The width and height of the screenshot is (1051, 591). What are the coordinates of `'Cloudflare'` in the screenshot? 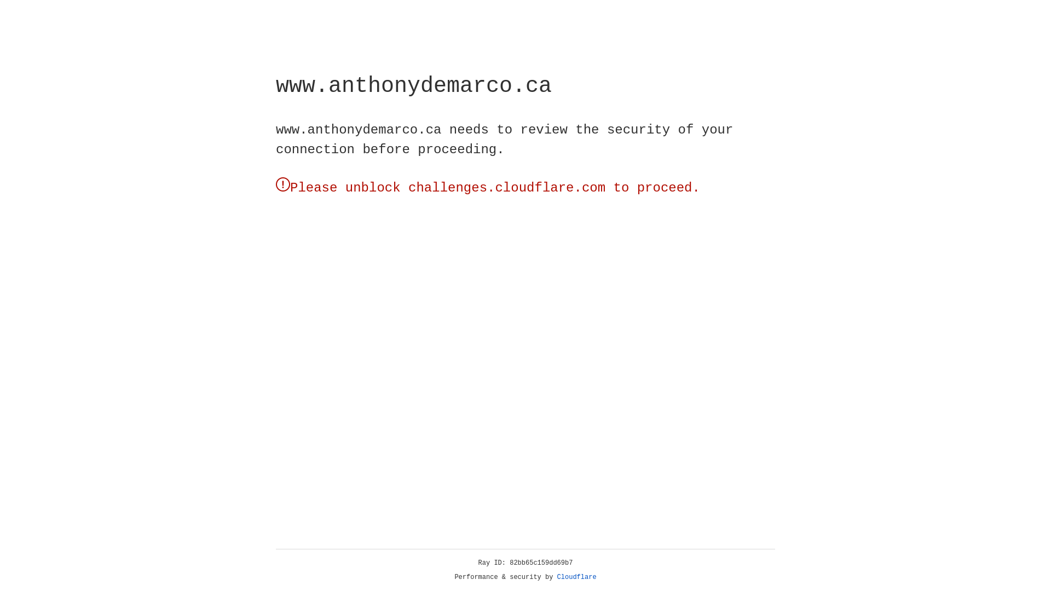 It's located at (557, 577).